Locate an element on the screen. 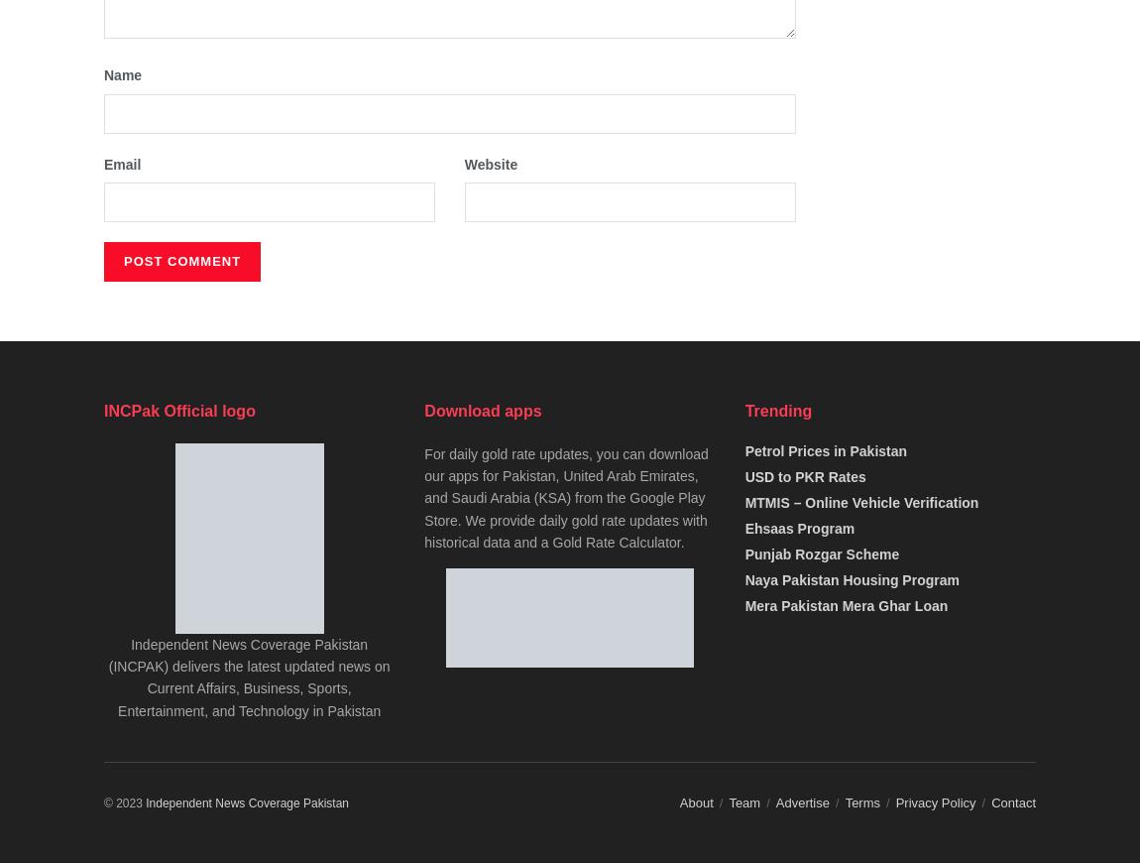 Image resolution: width=1140 pixels, height=863 pixels. '© 2023' is located at coordinates (124, 802).